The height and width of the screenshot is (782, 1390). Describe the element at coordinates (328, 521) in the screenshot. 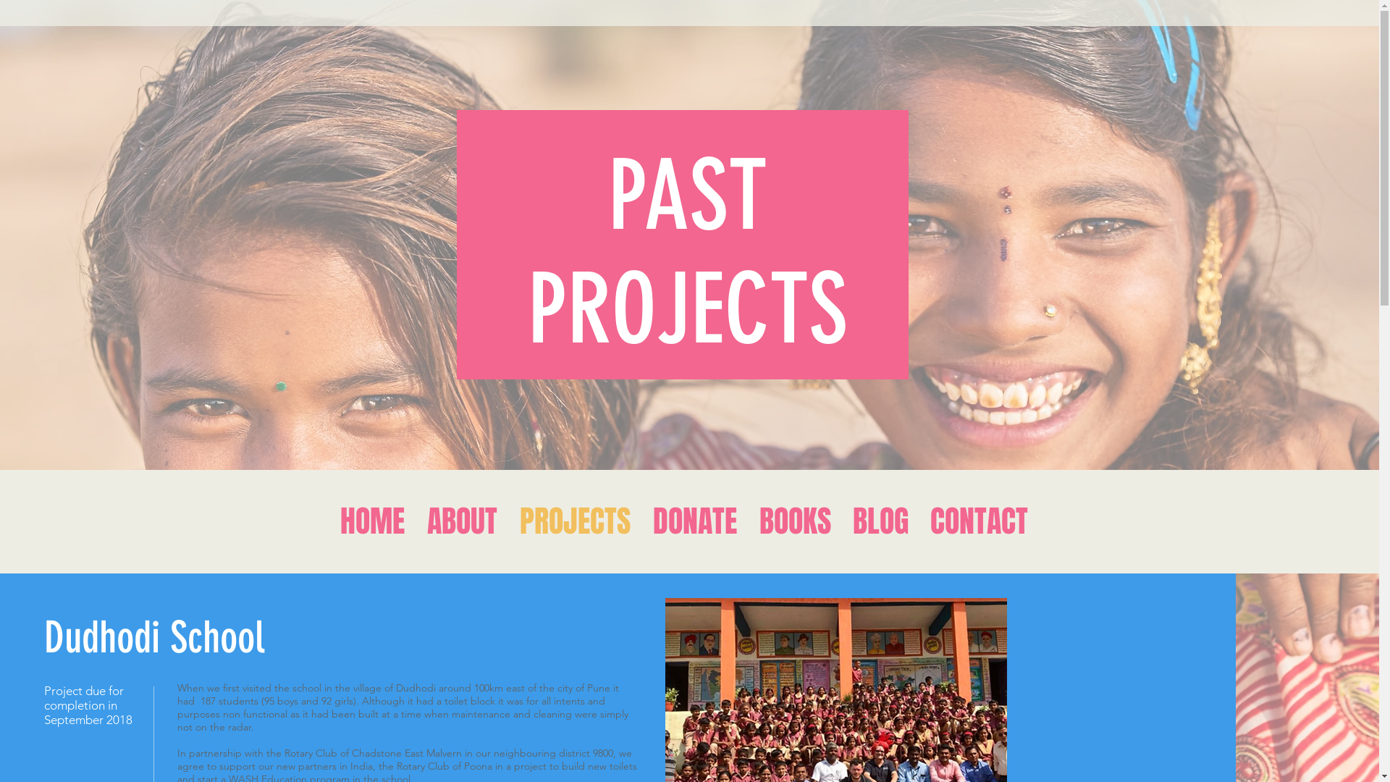

I see `'HOME'` at that location.